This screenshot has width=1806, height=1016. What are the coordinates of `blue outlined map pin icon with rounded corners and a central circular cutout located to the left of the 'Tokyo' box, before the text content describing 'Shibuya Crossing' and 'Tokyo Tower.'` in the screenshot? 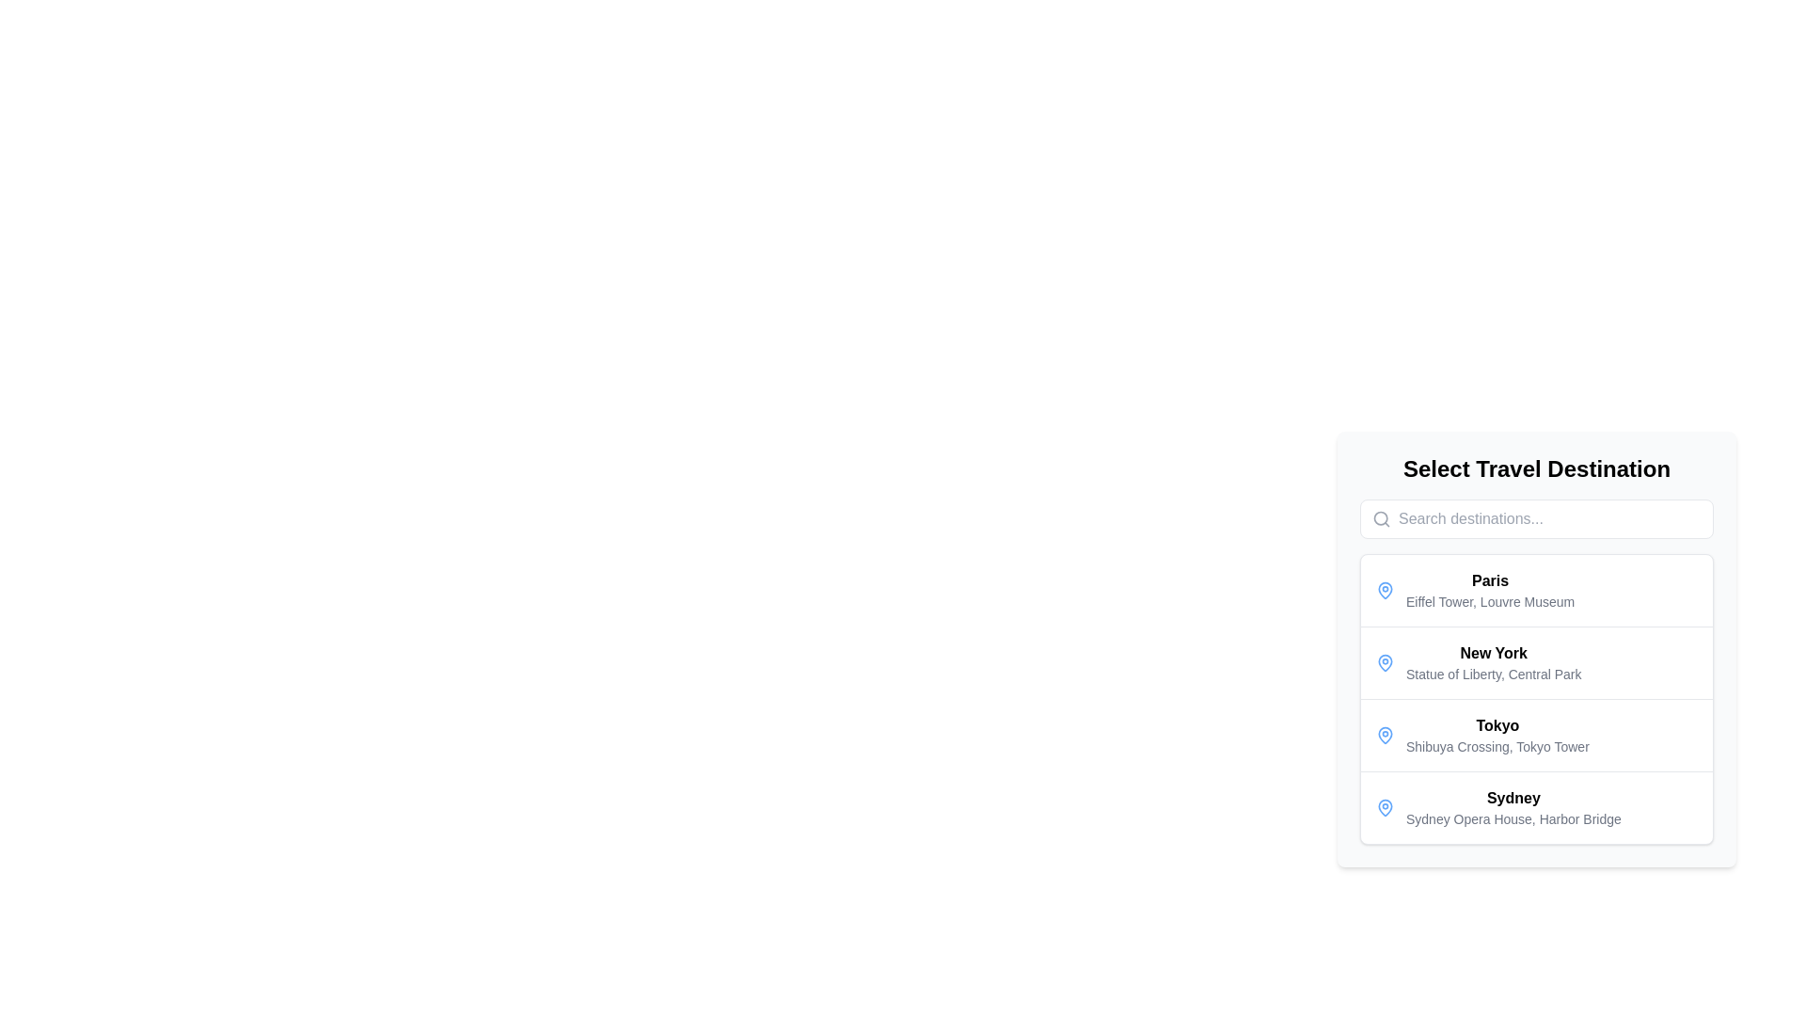 It's located at (1386, 735).